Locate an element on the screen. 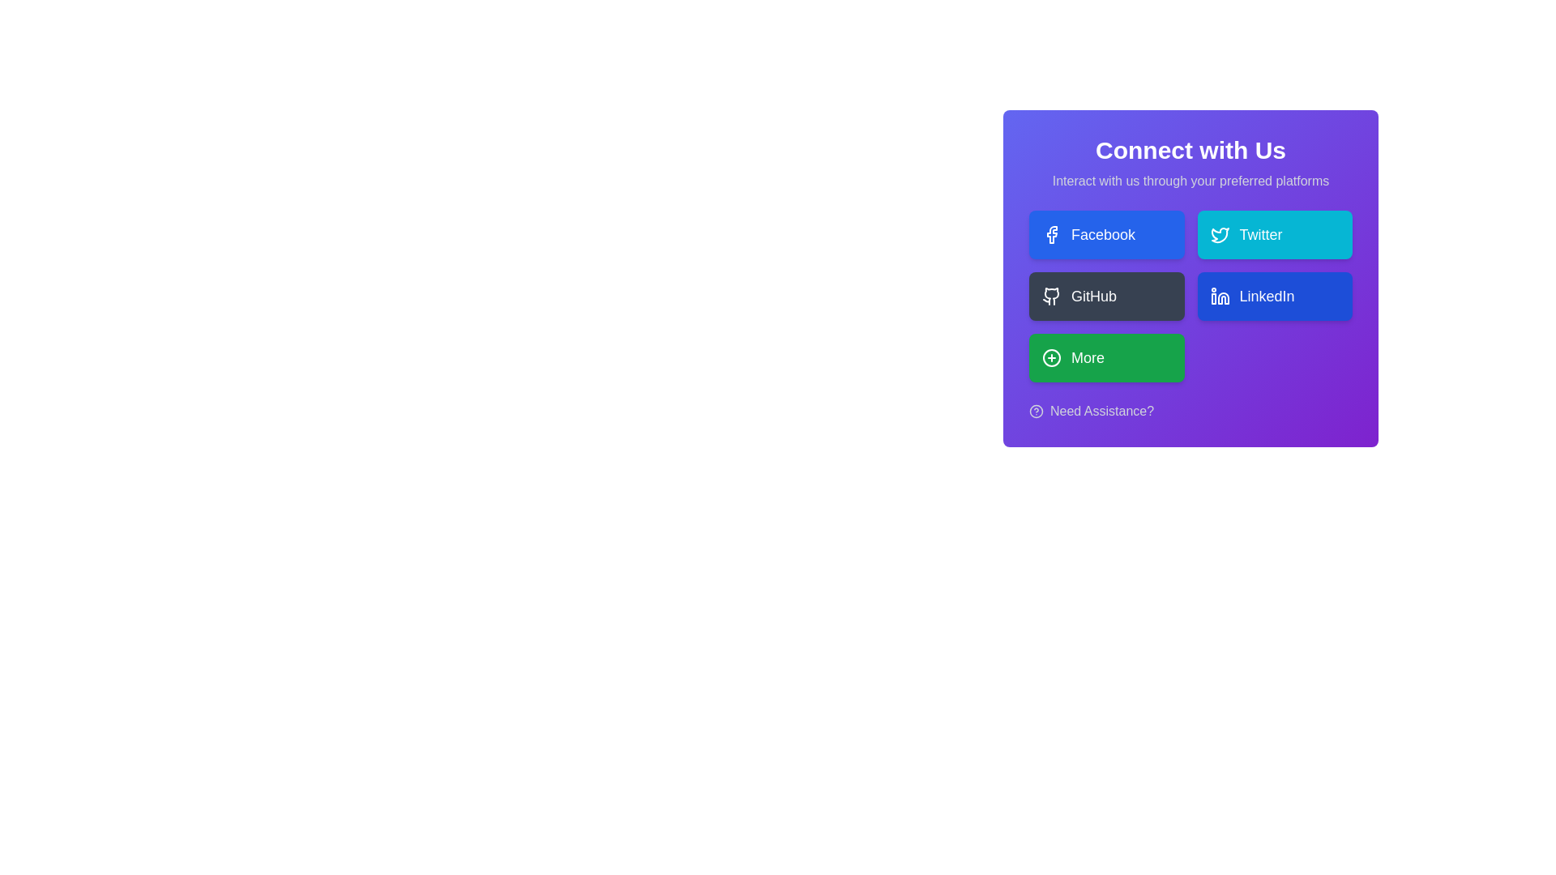  the 'More' button, which is labeled to indicate its purpose and is located in the 'Connect with Us' section next to a circular '+' icon is located at coordinates (1088, 357).